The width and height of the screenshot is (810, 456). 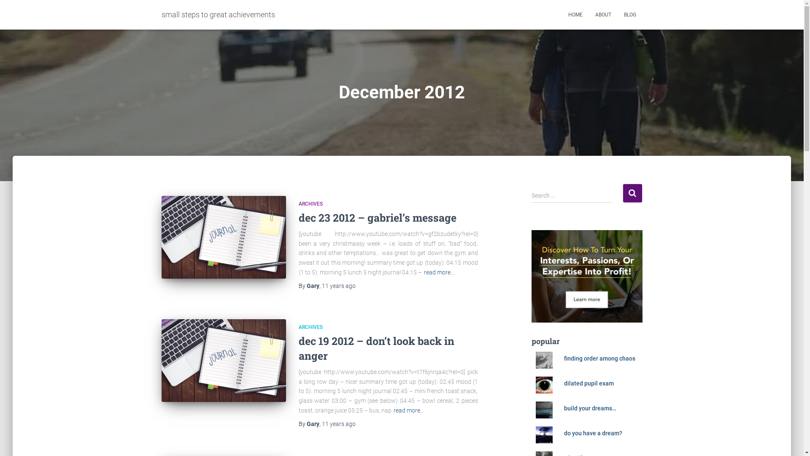 I want to click on 'finding order among chaos', so click(x=599, y=358).